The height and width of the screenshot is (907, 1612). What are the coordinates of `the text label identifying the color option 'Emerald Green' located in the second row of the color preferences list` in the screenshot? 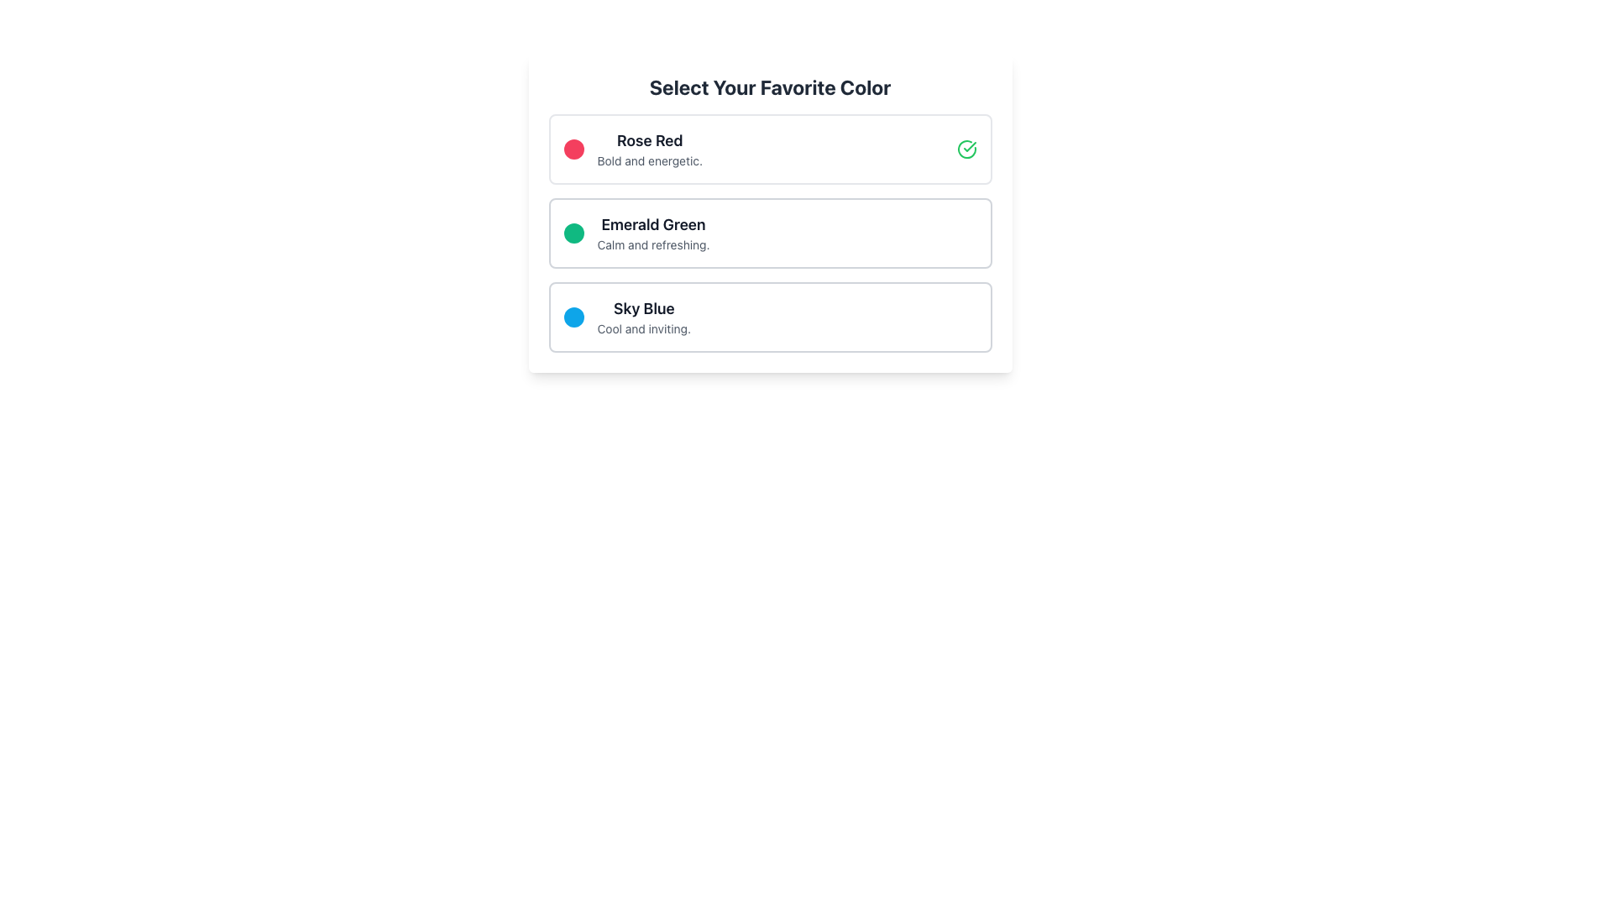 It's located at (652, 223).